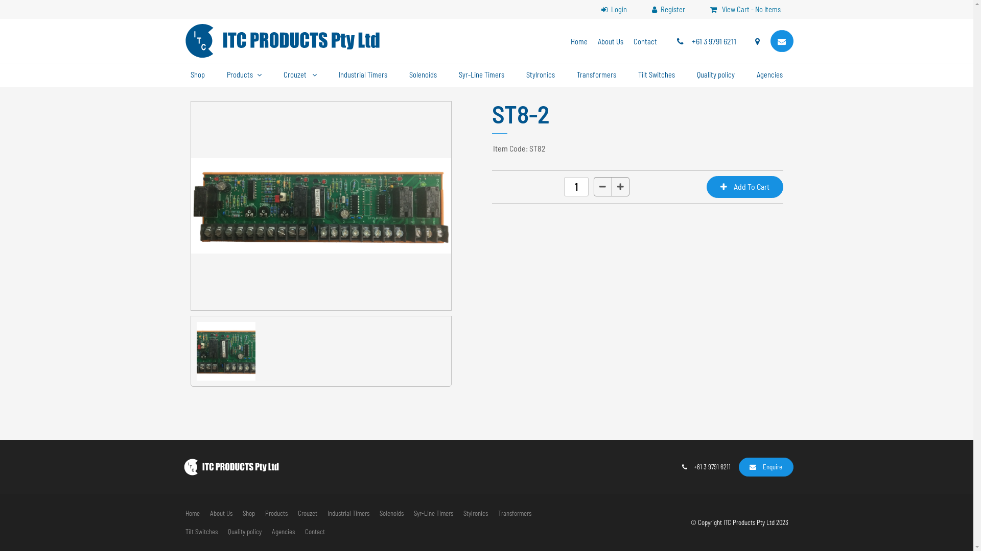 This screenshot has height=551, width=981. What do you see at coordinates (222, 531) in the screenshot?
I see `'Quality policy'` at bounding box center [222, 531].